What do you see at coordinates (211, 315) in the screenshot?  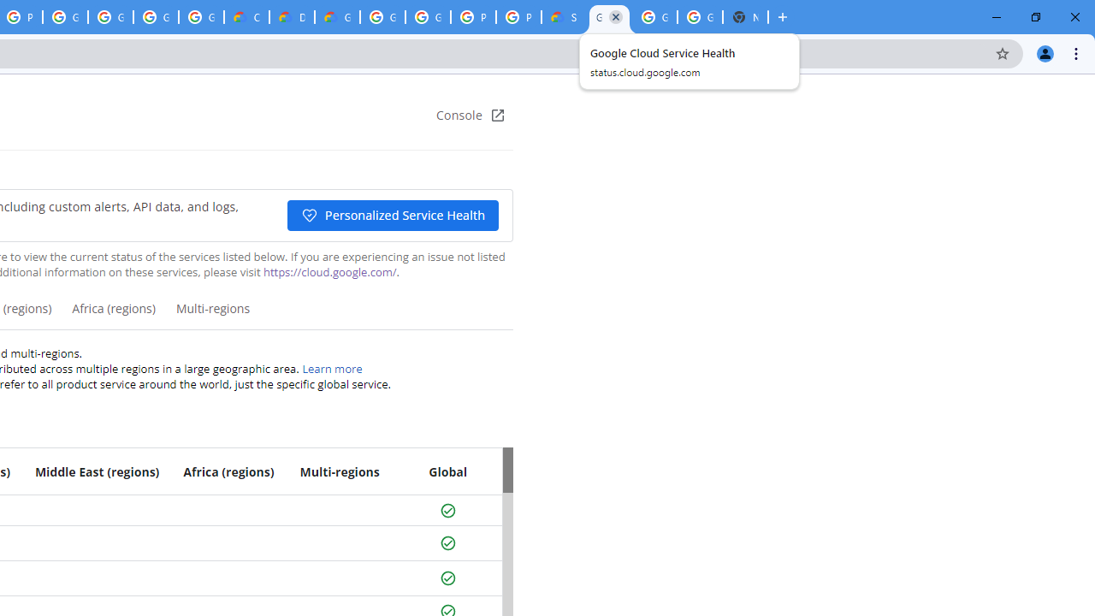 I see `'Multi-regions'` at bounding box center [211, 315].